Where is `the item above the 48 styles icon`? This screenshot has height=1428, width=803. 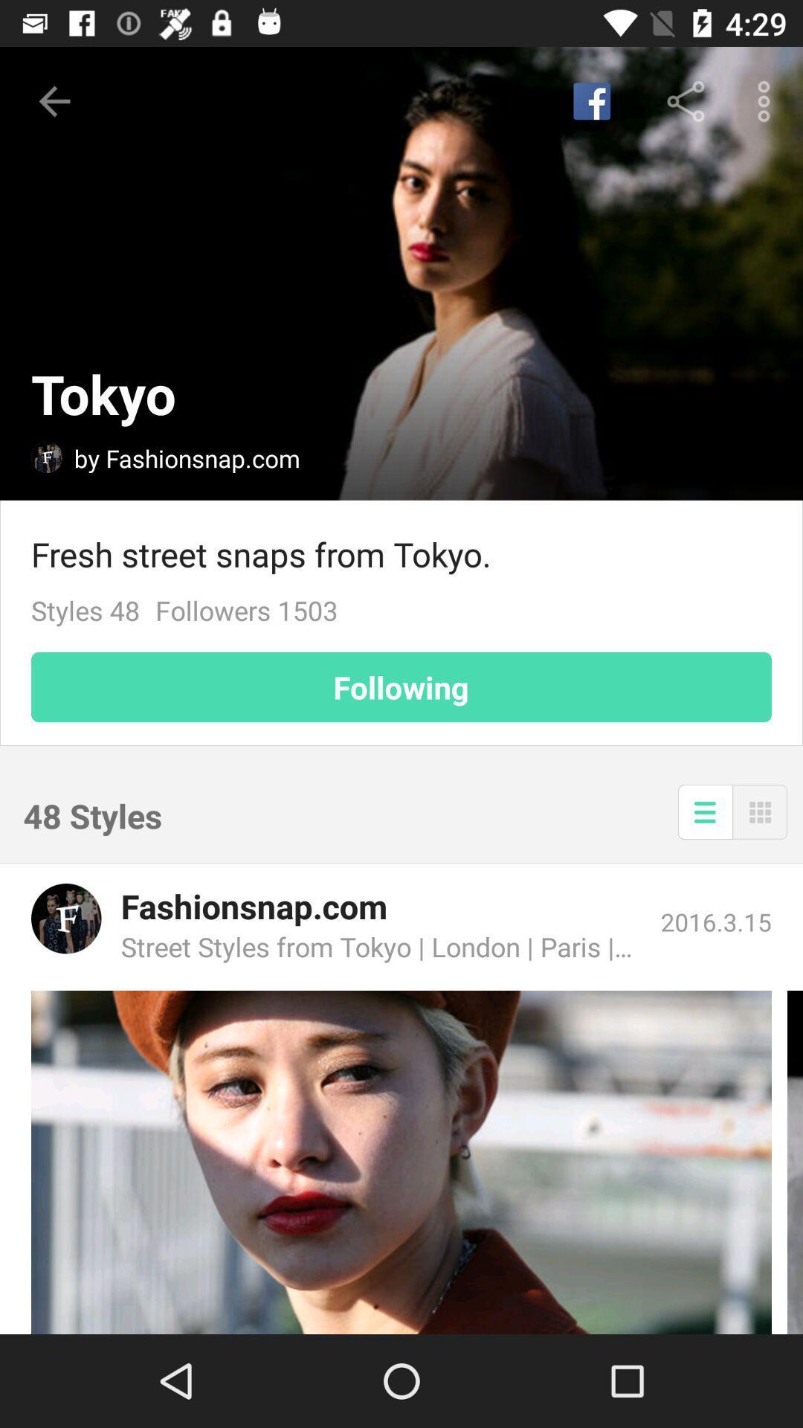
the item above the 48 styles icon is located at coordinates (401, 686).